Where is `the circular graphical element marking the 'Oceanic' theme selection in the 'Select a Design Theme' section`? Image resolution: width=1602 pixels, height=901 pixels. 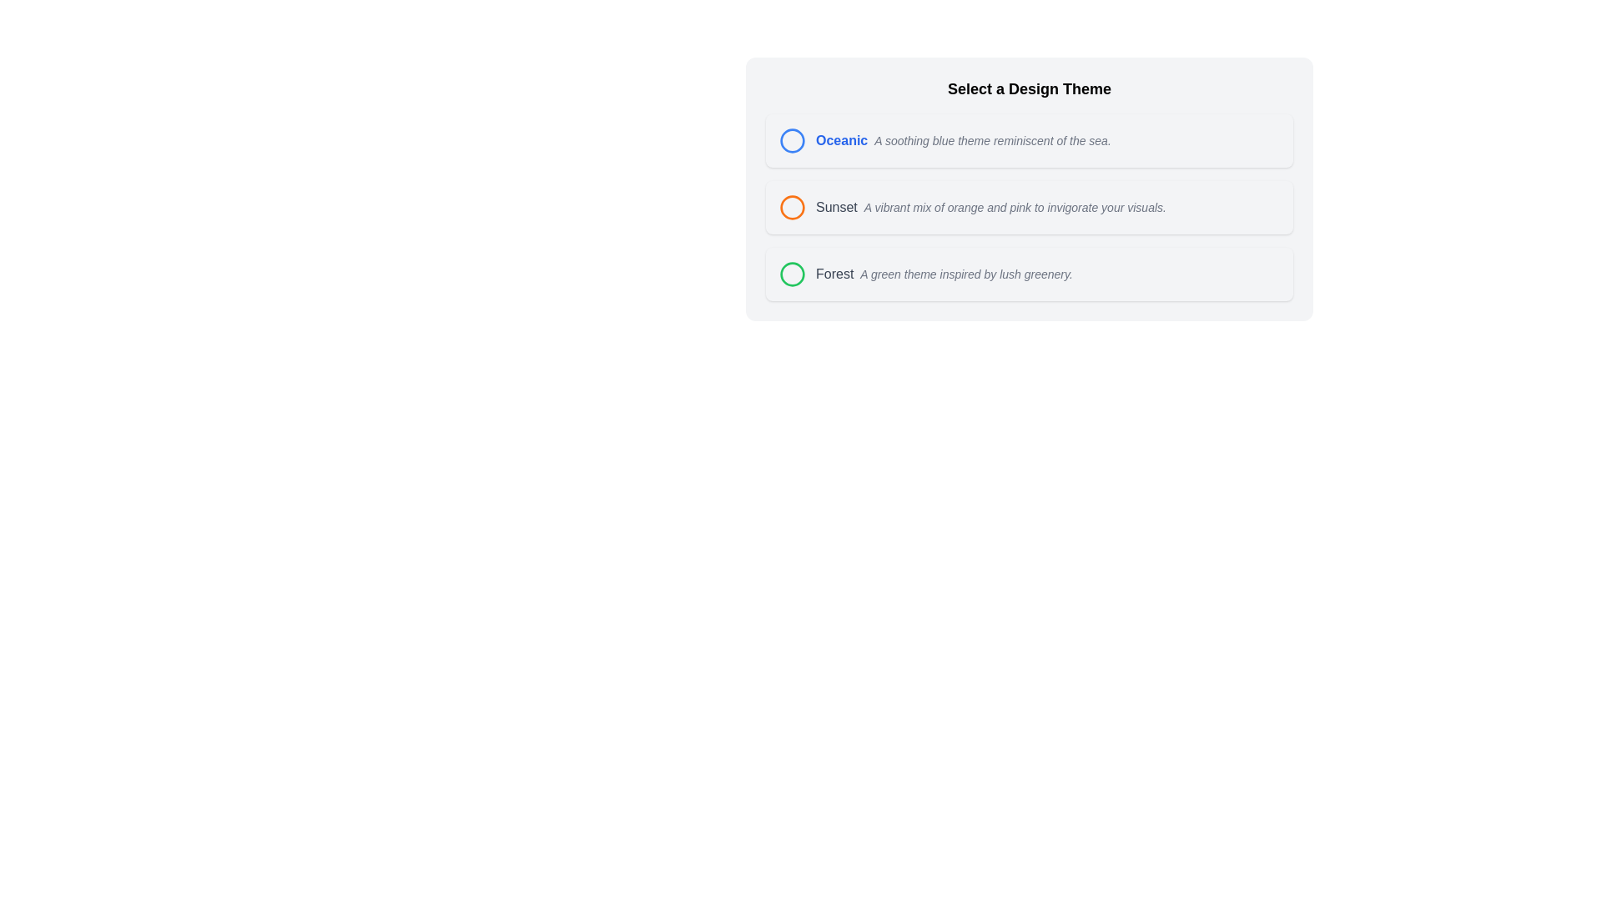 the circular graphical element marking the 'Oceanic' theme selection in the 'Select a Design Theme' section is located at coordinates (792, 140).